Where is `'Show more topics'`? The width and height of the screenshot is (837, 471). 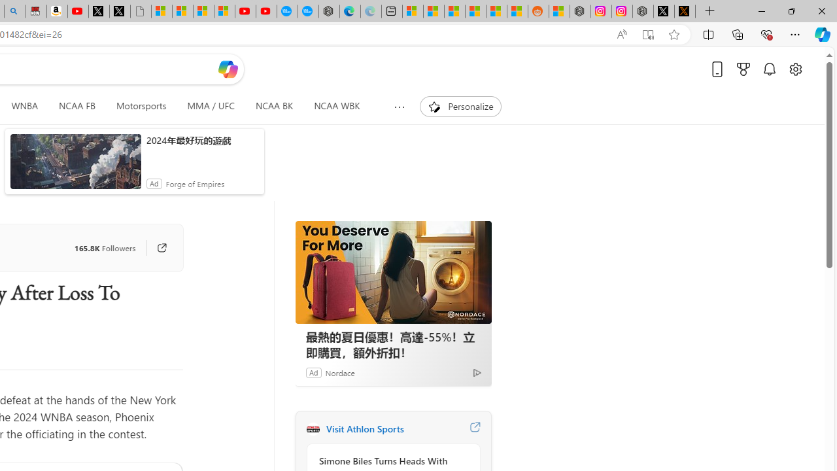
'Show more topics' is located at coordinates (399, 106).